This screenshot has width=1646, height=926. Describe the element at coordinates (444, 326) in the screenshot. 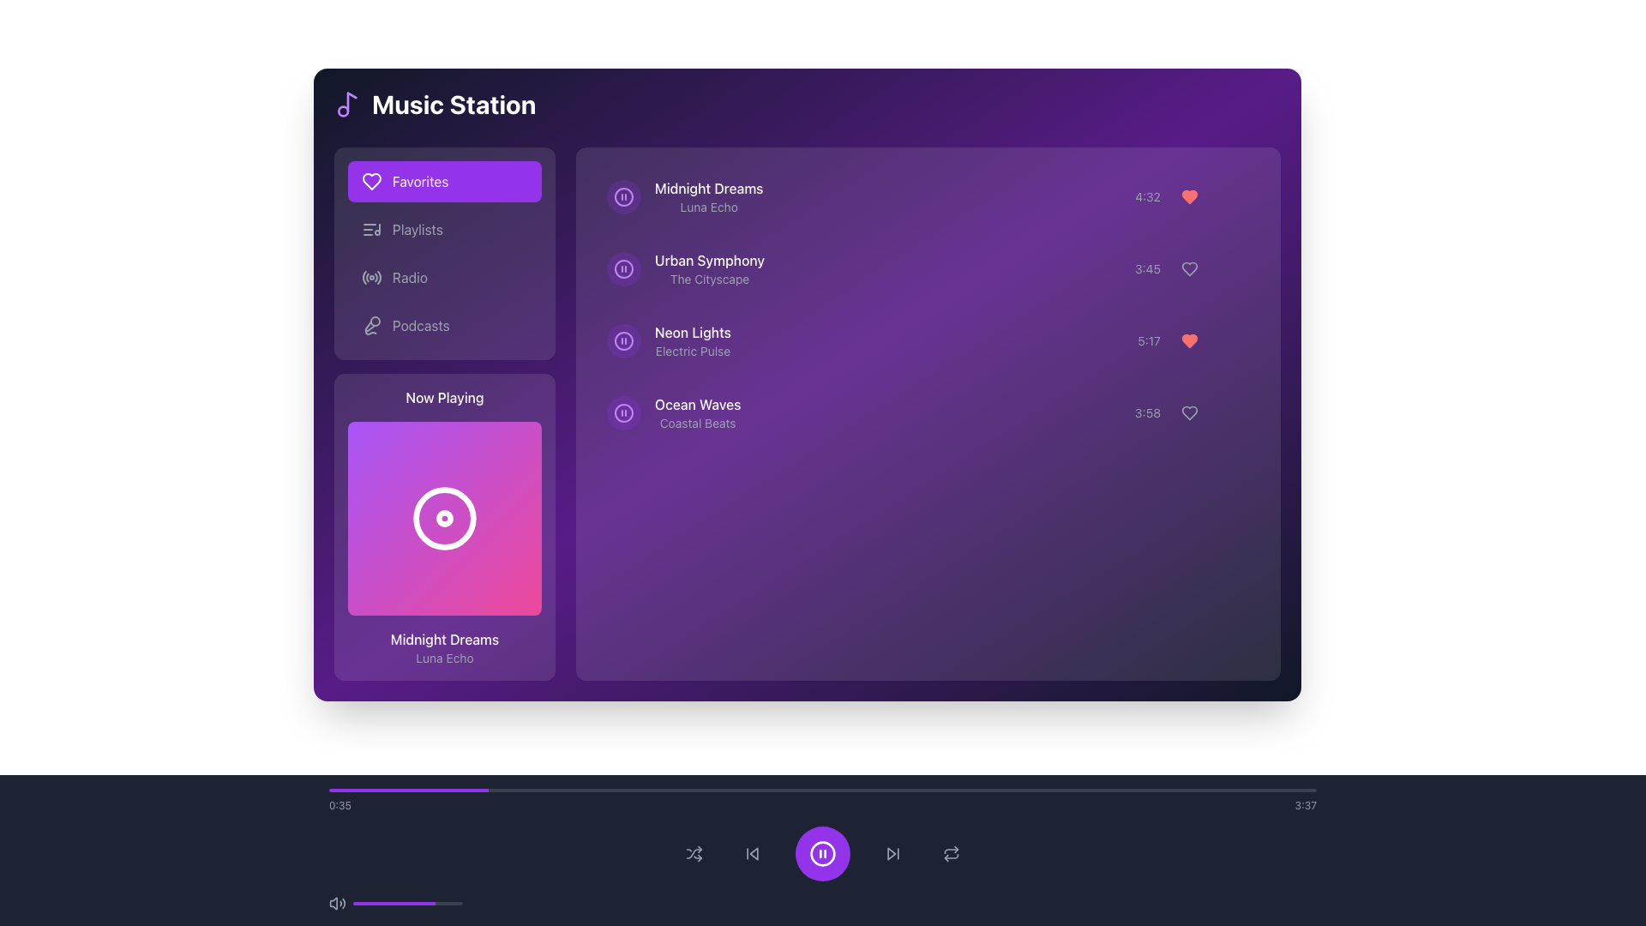

I see `the 'Podcasts' button, which is a horizontal button with a microphone icon and muted gray text, positioned as the fourth element in a vertical list within the left sidebar` at that location.